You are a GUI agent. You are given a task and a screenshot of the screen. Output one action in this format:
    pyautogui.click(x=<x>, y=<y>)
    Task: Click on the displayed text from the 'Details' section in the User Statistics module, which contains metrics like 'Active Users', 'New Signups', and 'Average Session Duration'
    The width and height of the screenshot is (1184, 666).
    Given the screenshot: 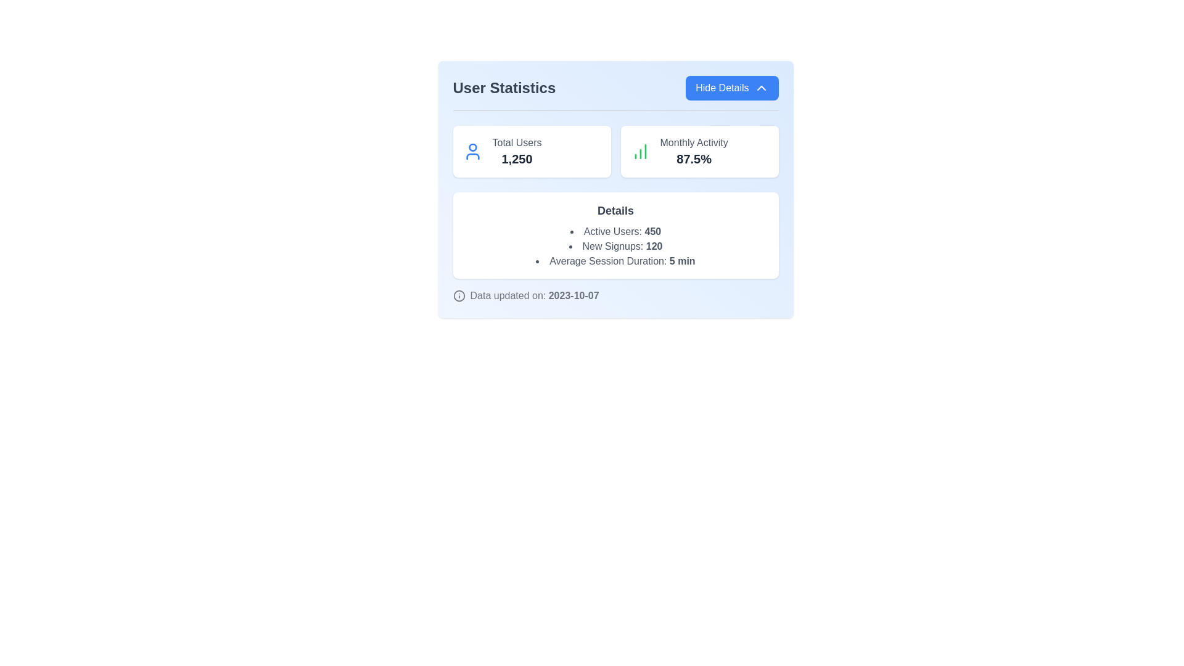 What is the action you would take?
    pyautogui.click(x=615, y=235)
    